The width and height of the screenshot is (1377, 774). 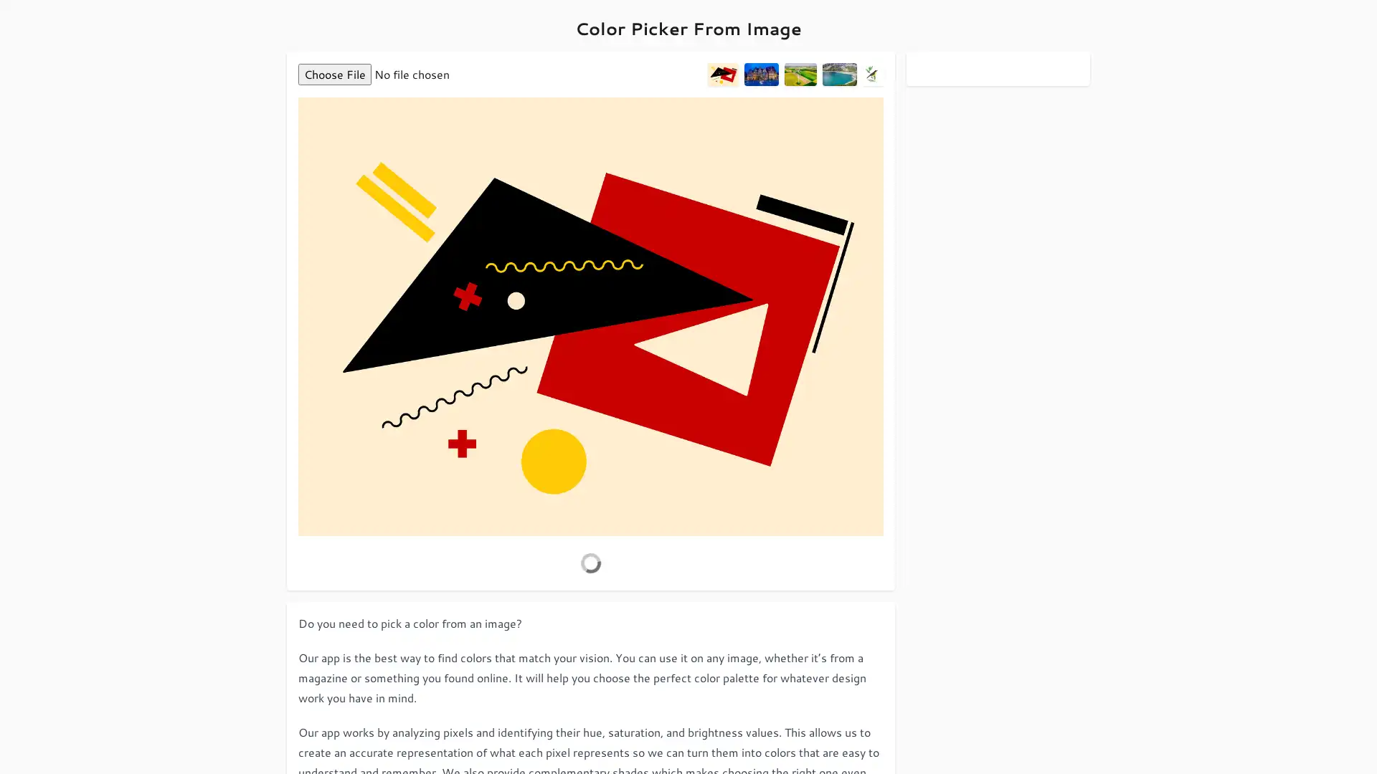 What do you see at coordinates (799, 75) in the screenshot?
I see `example image` at bounding box center [799, 75].